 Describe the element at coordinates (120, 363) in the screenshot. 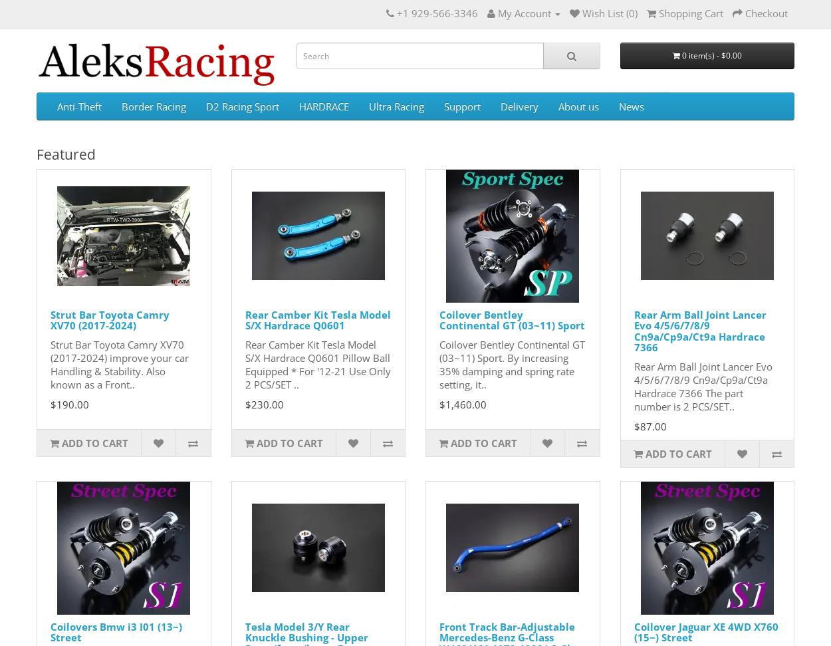

I see `'Strut Bar Toyota Camry XV70 (2017-2024) improve your car Handling & Stability. Also known as a Front..'` at that location.